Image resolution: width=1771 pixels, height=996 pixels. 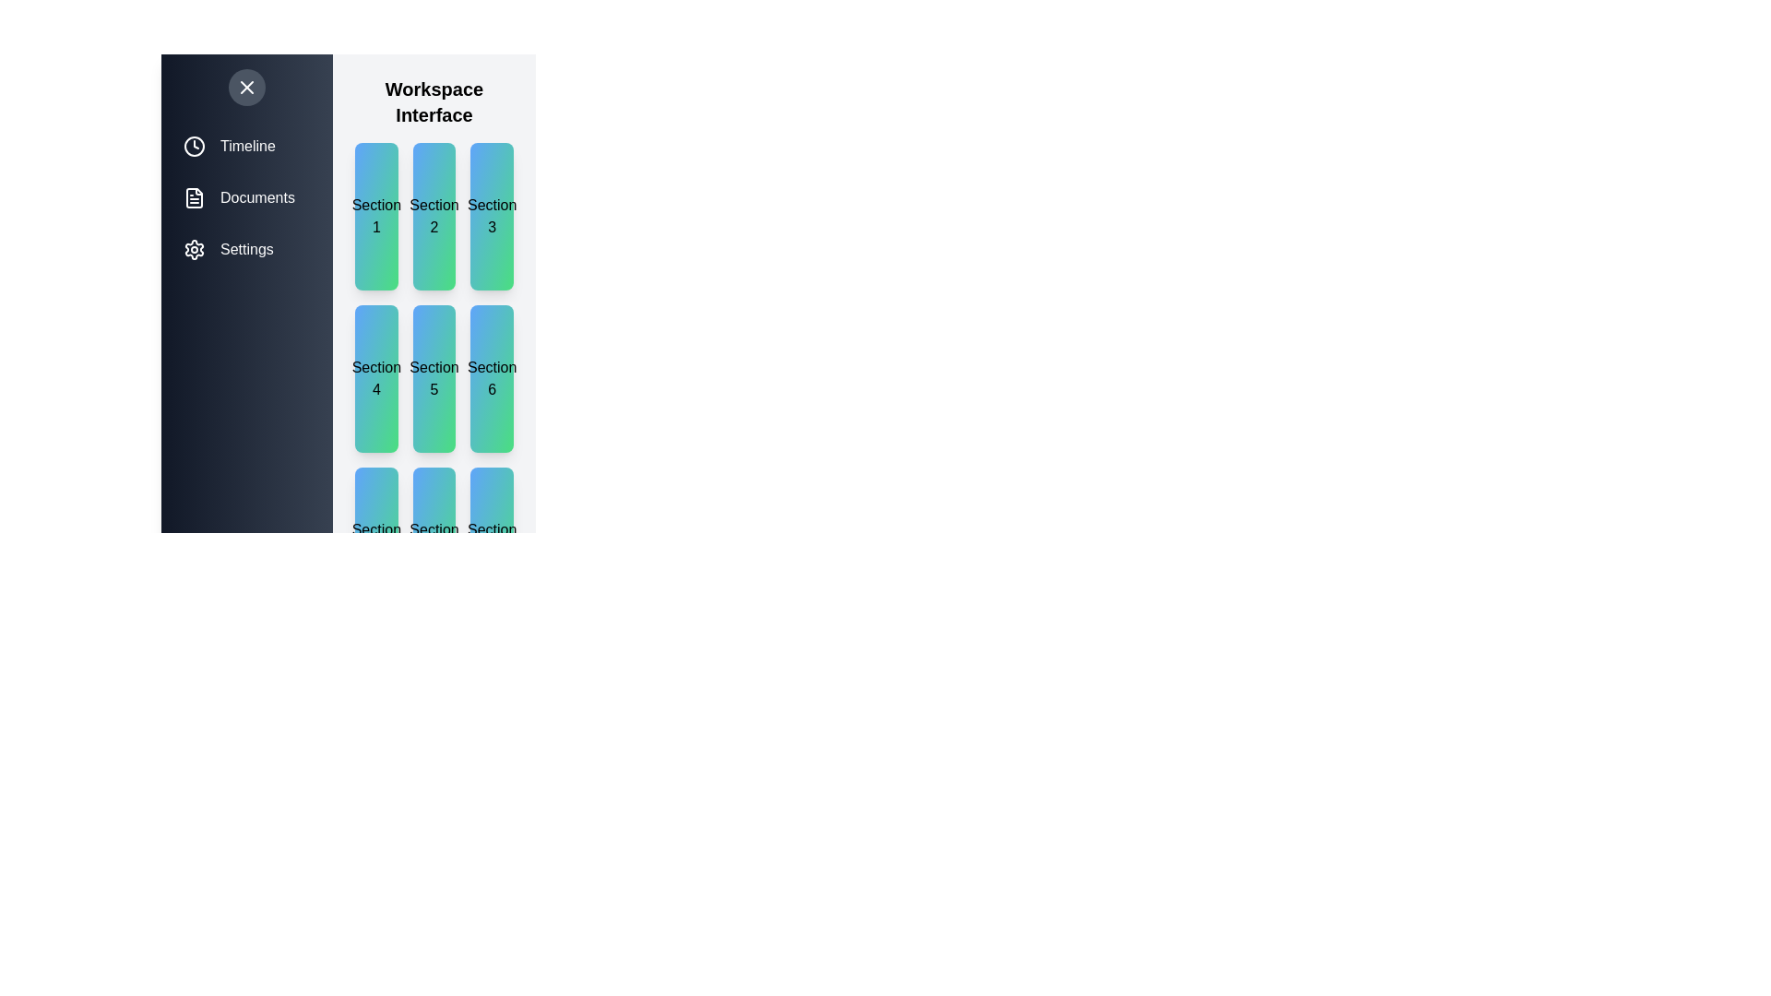 What do you see at coordinates (246, 145) in the screenshot?
I see `the navigation item Timeline to observe its hover effect` at bounding box center [246, 145].